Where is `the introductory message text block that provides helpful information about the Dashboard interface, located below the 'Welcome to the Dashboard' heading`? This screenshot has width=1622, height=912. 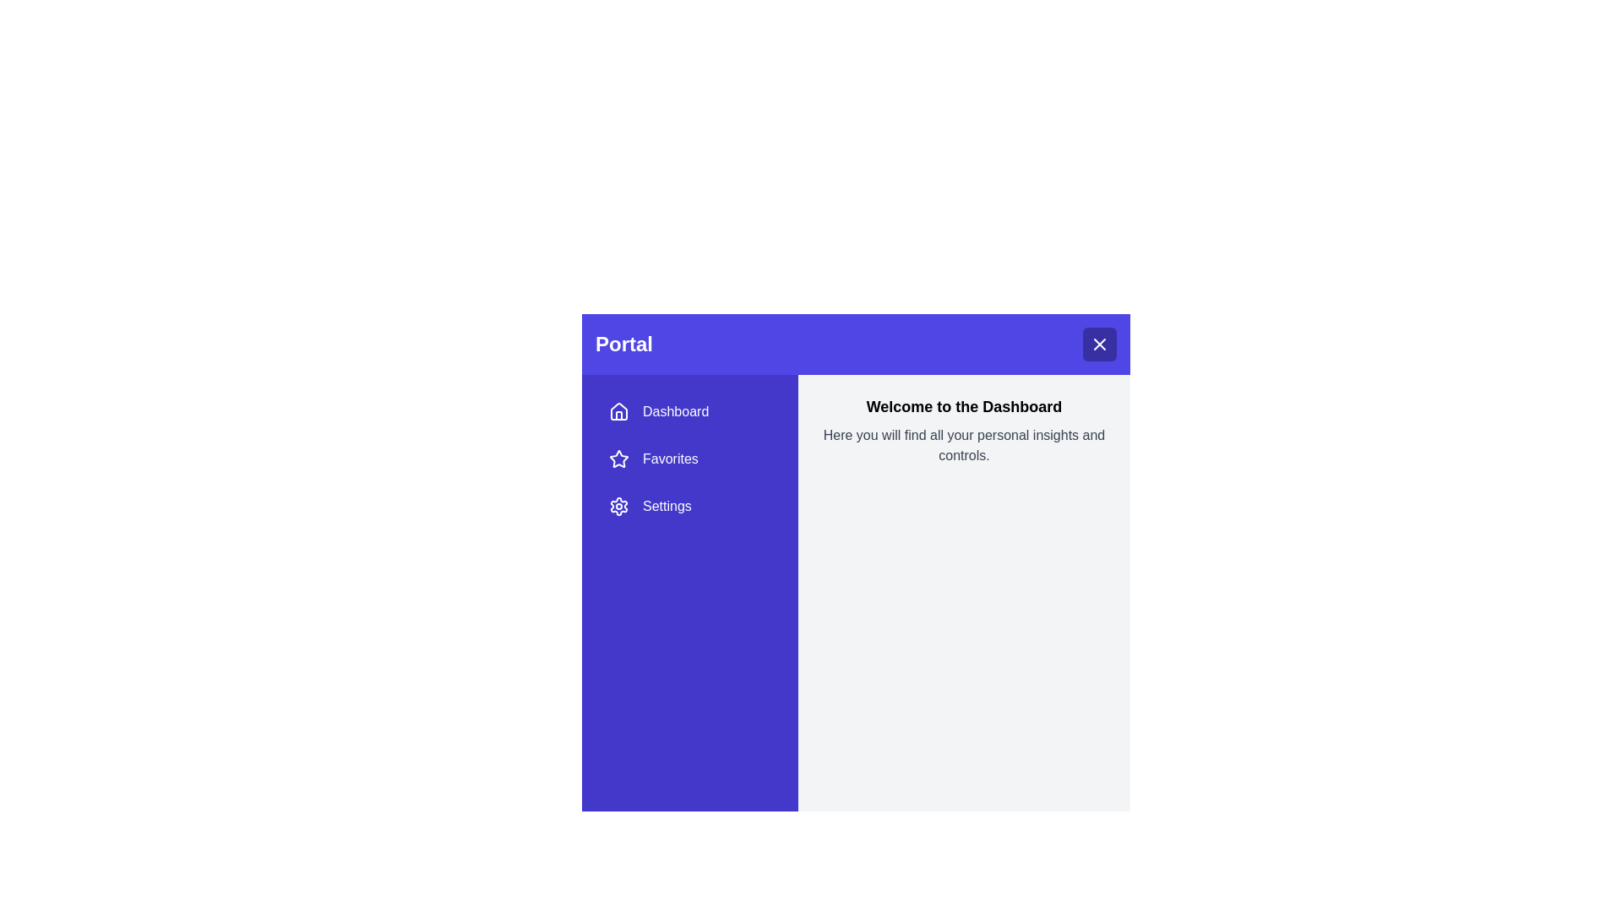
the introductory message text block that provides helpful information about the Dashboard interface, located below the 'Welcome to the Dashboard' heading is located at coordinates (964, 445).